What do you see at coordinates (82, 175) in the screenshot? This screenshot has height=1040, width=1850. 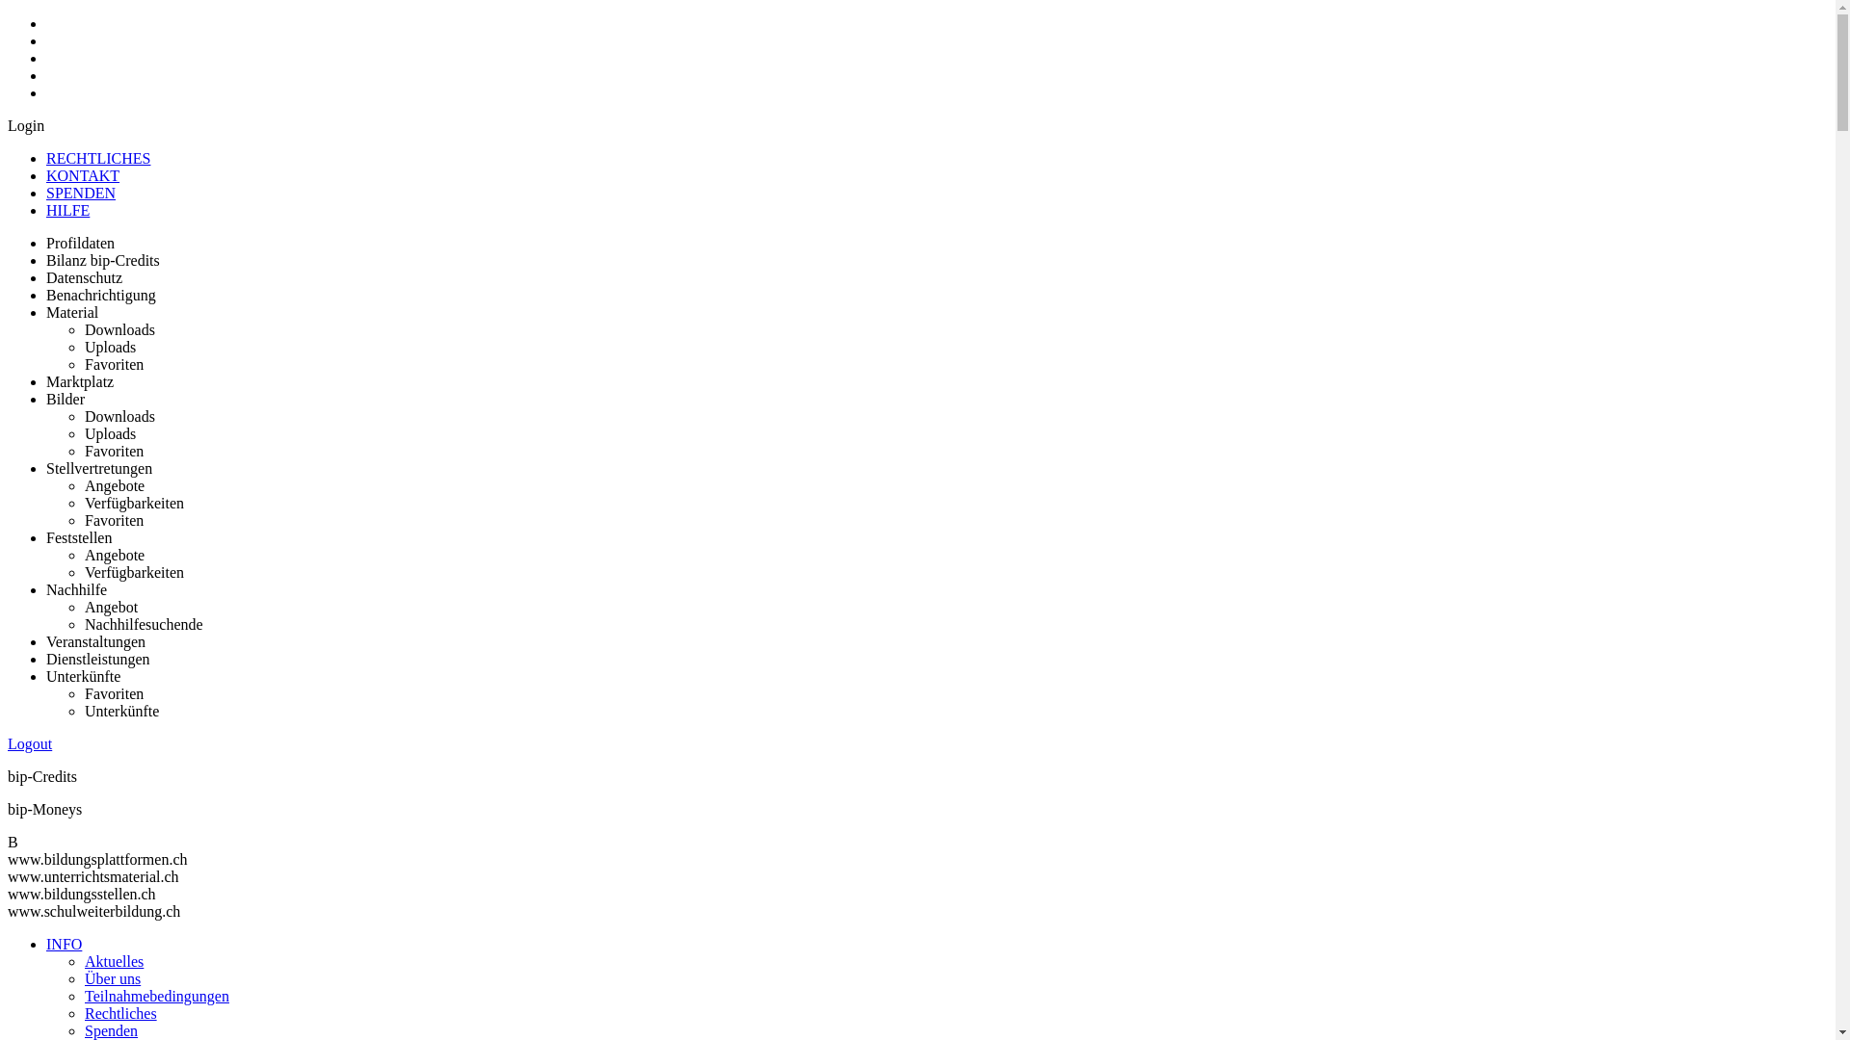 I see `'KONTAKT'` at bounding box center [82, 175].